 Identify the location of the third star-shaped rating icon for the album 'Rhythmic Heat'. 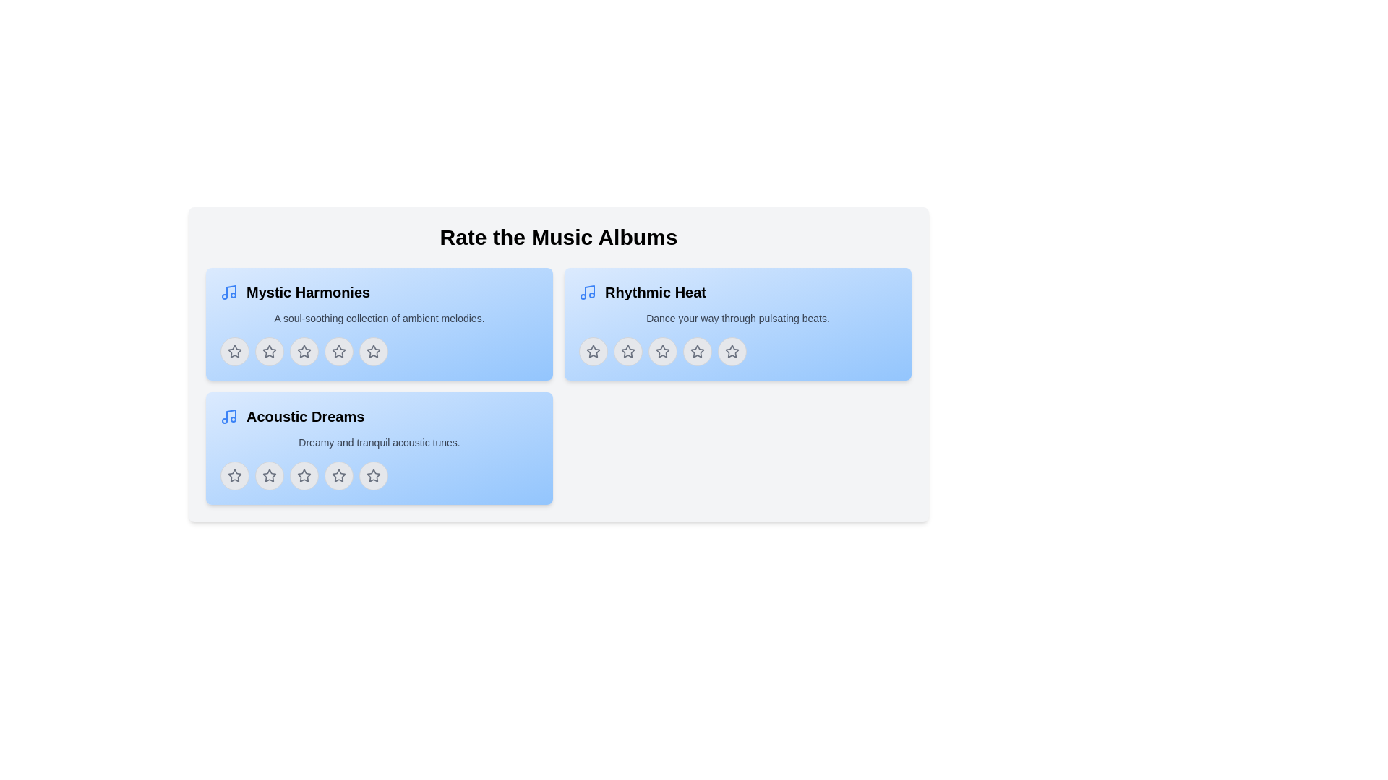
(661, 351).